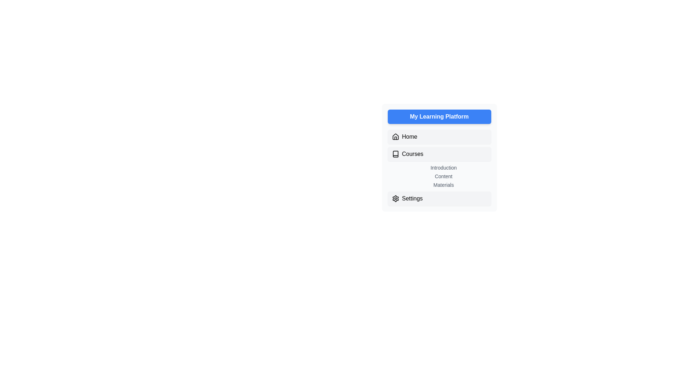 This screenshot has width=690, height=388. I want to click on the leftmost part of the house-shaped icon in the navigation menu, associated with the 'Home' label, so click(395, 137).